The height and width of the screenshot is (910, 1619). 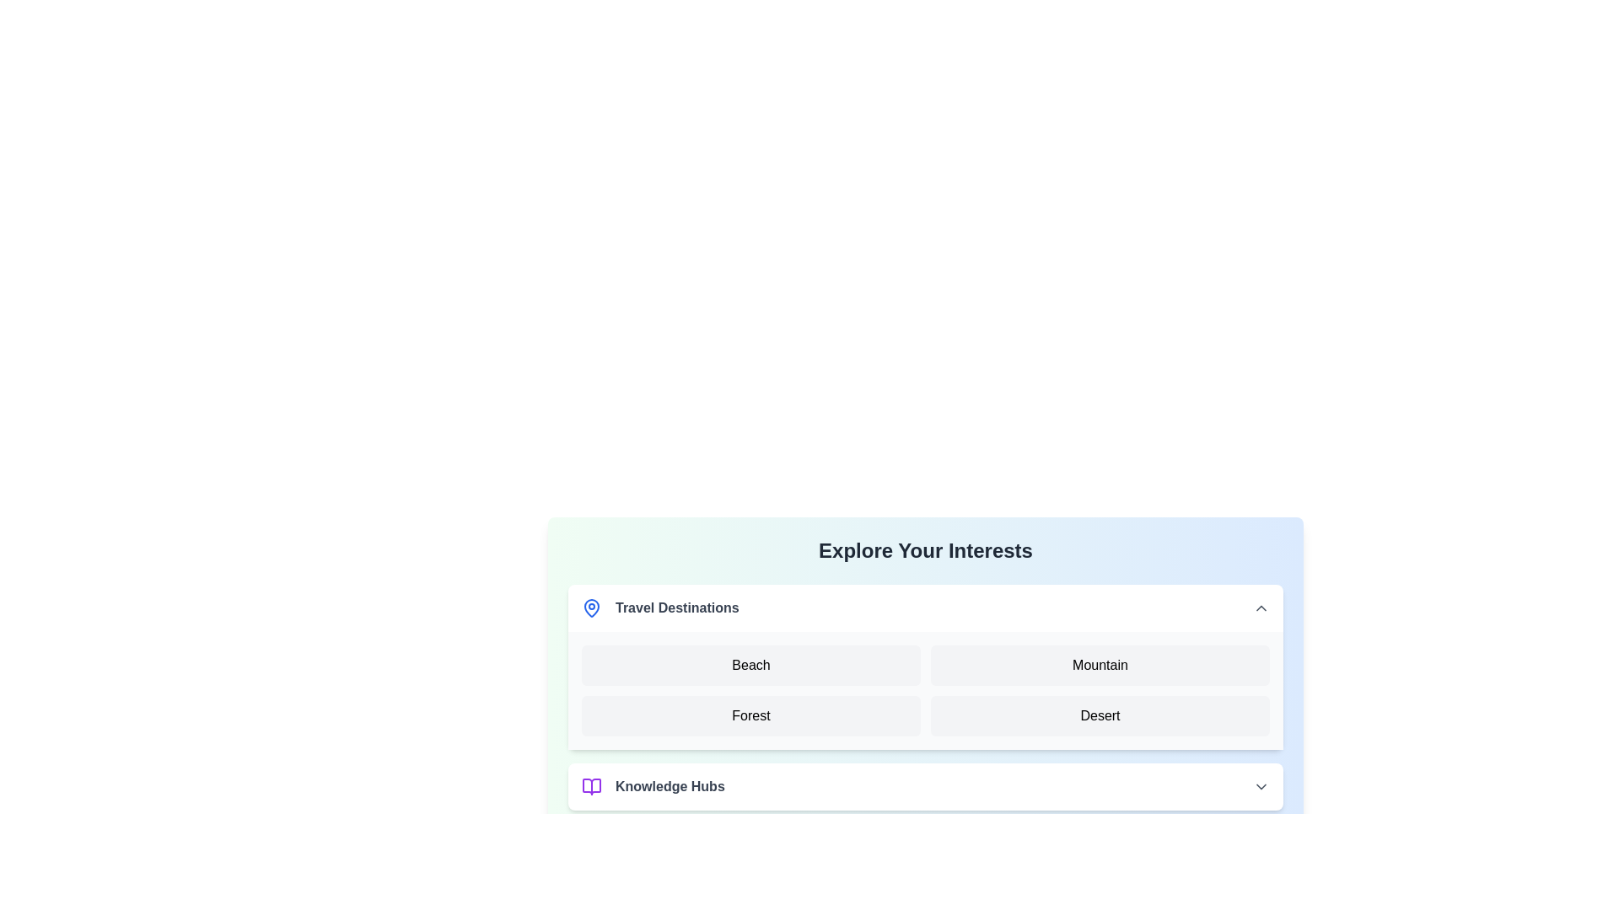 I want to click on the 'Mountain' button, which is a rounded rectangle with bold black text centered on a light gray background, located in the second column of the top row of a grid layout, so click(x=1100, y=665).